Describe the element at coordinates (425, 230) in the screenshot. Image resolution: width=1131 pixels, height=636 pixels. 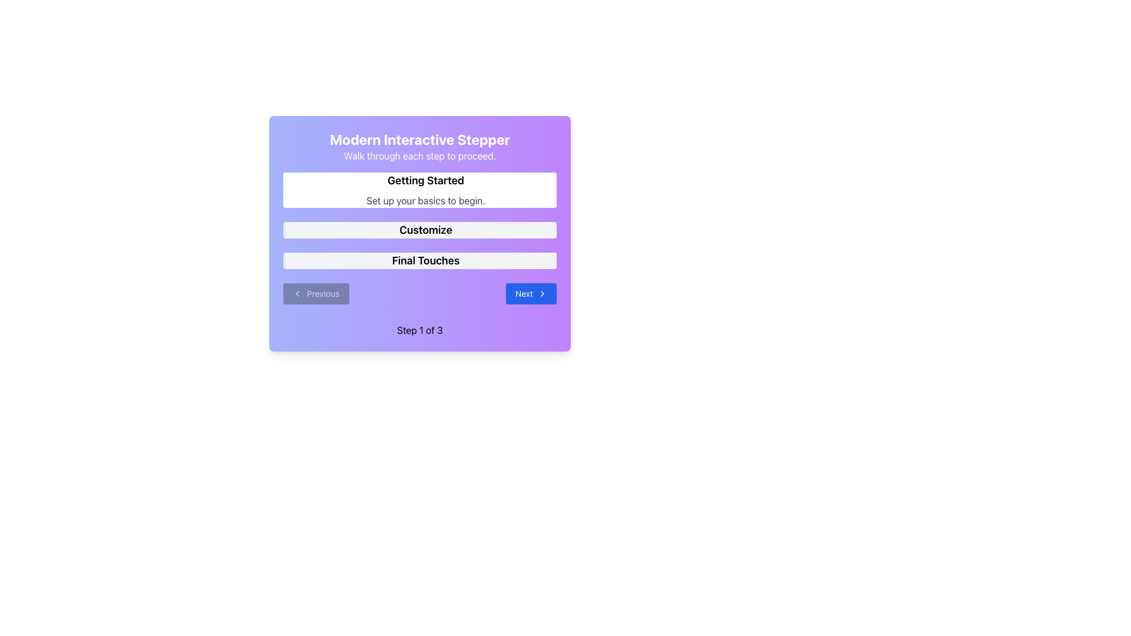
I see `the text label indicating the second step in the stepper process, which is centrally aligned and serves as a navigation indicator` at that location.